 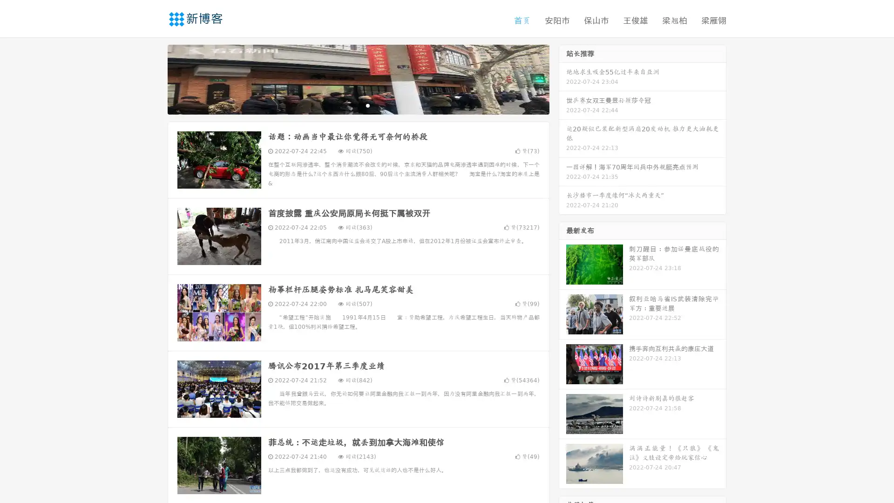 I want to click on Previous slide, so click(x=154, y=78).